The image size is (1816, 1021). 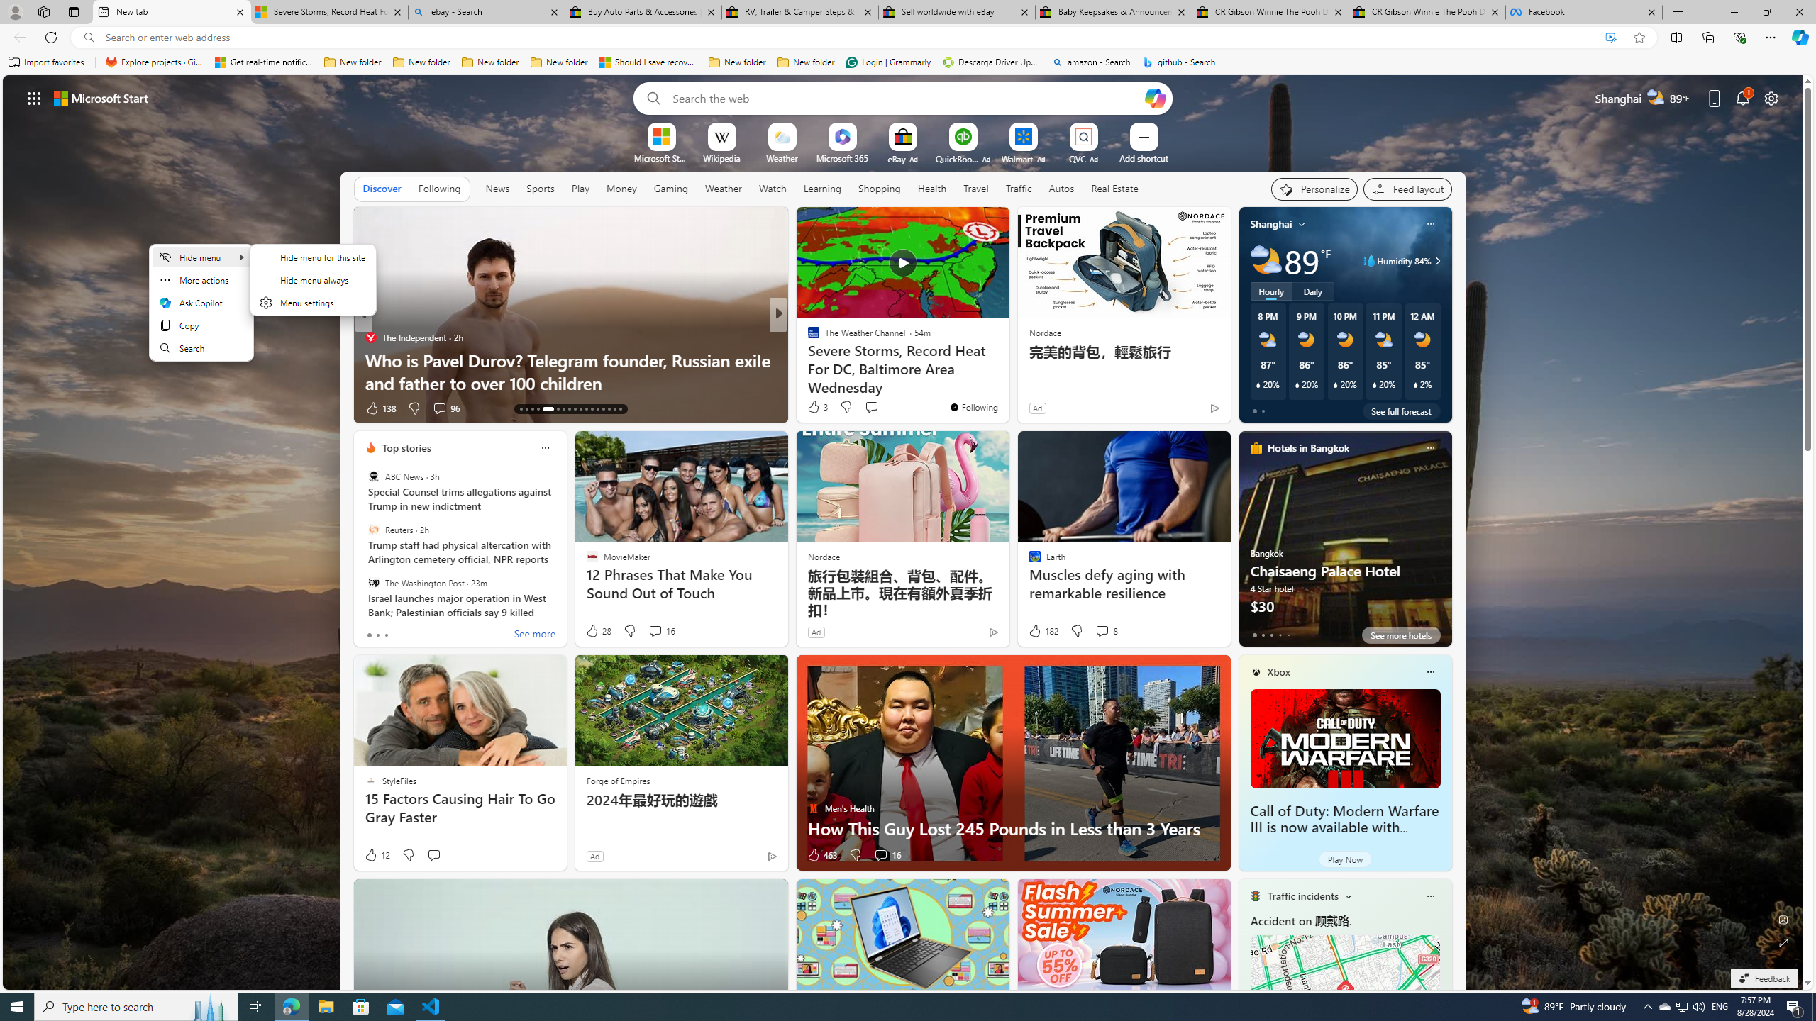 I want to click on 'Daily', so click(x=1312, y=290).